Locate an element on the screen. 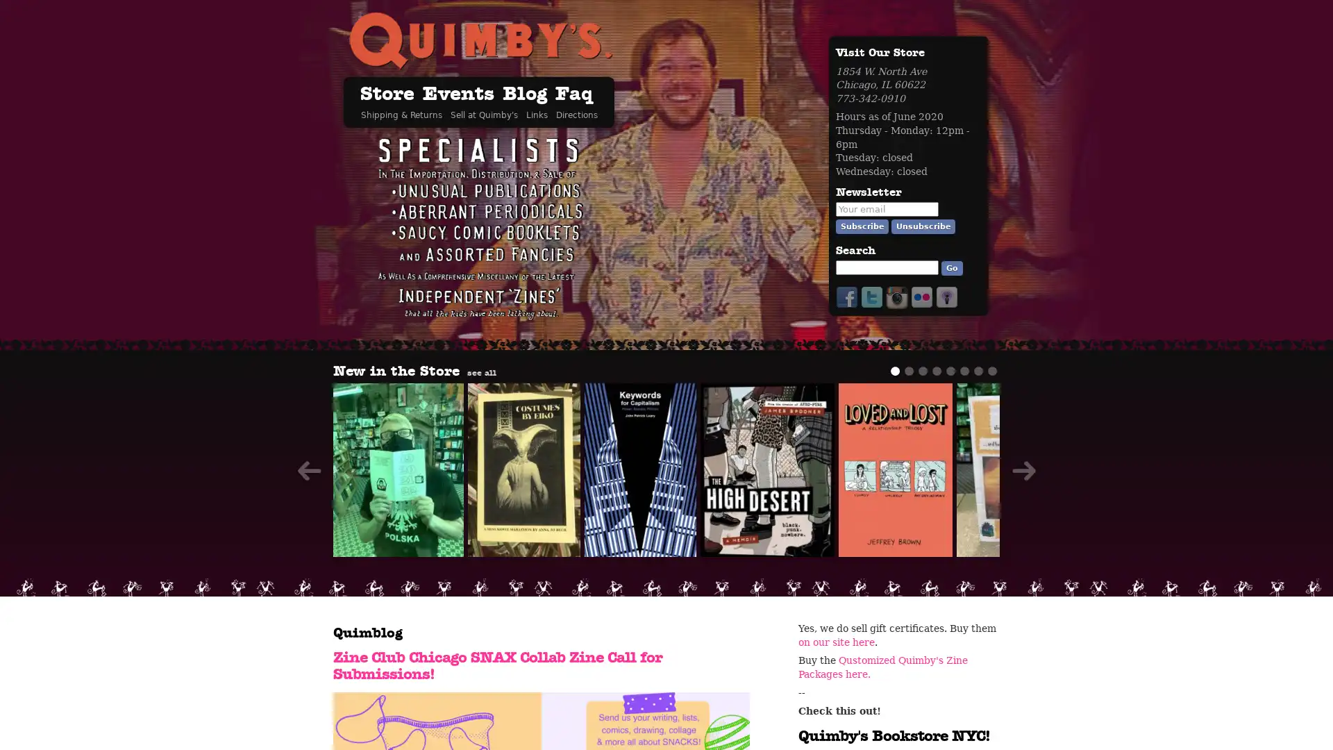 The image size is (1333, 750). Unsubscribe is located at coordinates (923, 225).